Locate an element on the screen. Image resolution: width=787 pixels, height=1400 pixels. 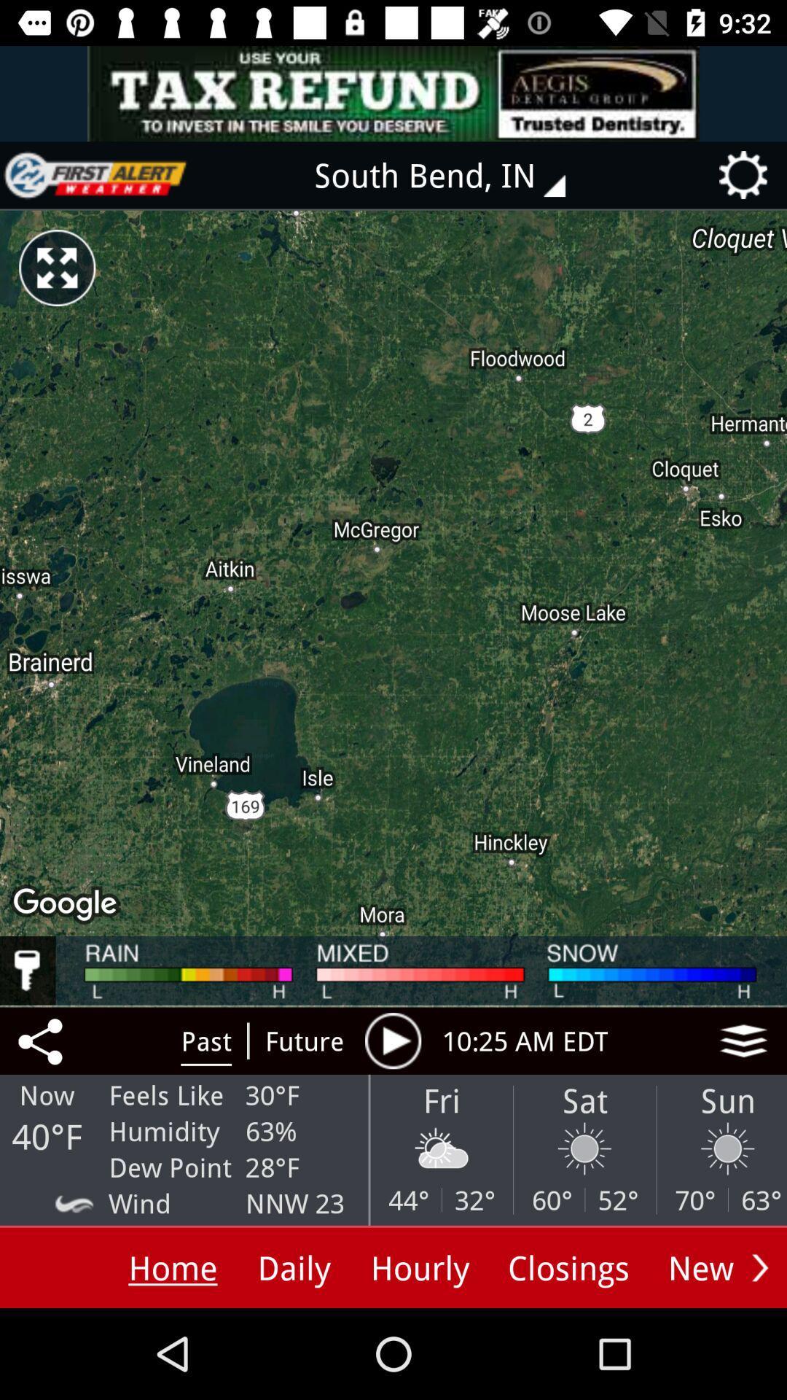
next page is located at coordinates (759, 1267).